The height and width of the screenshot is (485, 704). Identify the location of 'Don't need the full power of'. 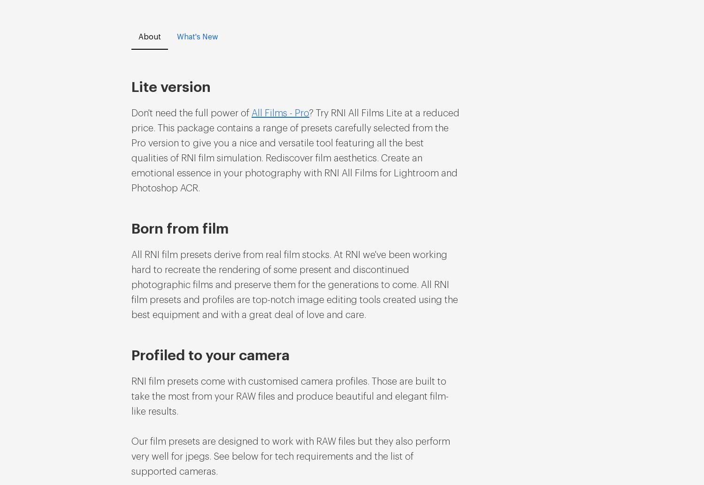
(191, 113).